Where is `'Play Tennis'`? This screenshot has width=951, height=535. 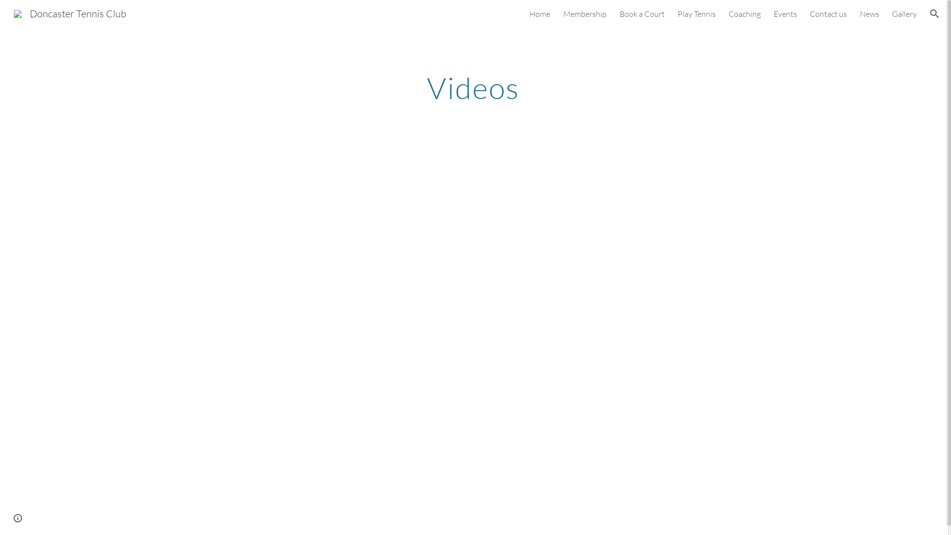 'Play Tennis' is located at coordinates (696, 13).